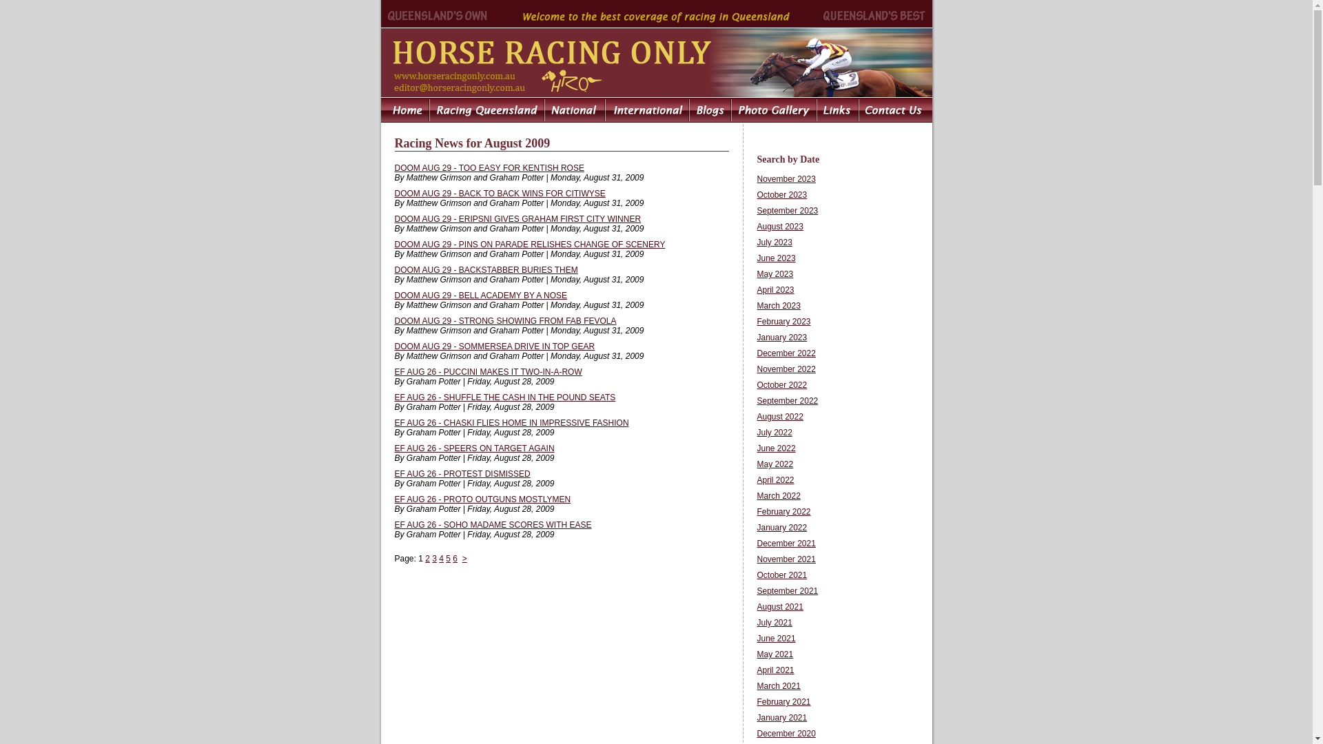 This screenshot has height=744, width=1323. Describe the element at coordinates (775, 273) in the screenshot. I see `'May 2023'` at that location.